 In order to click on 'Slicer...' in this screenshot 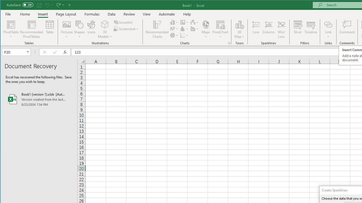, I will do `click(297, 29)`.